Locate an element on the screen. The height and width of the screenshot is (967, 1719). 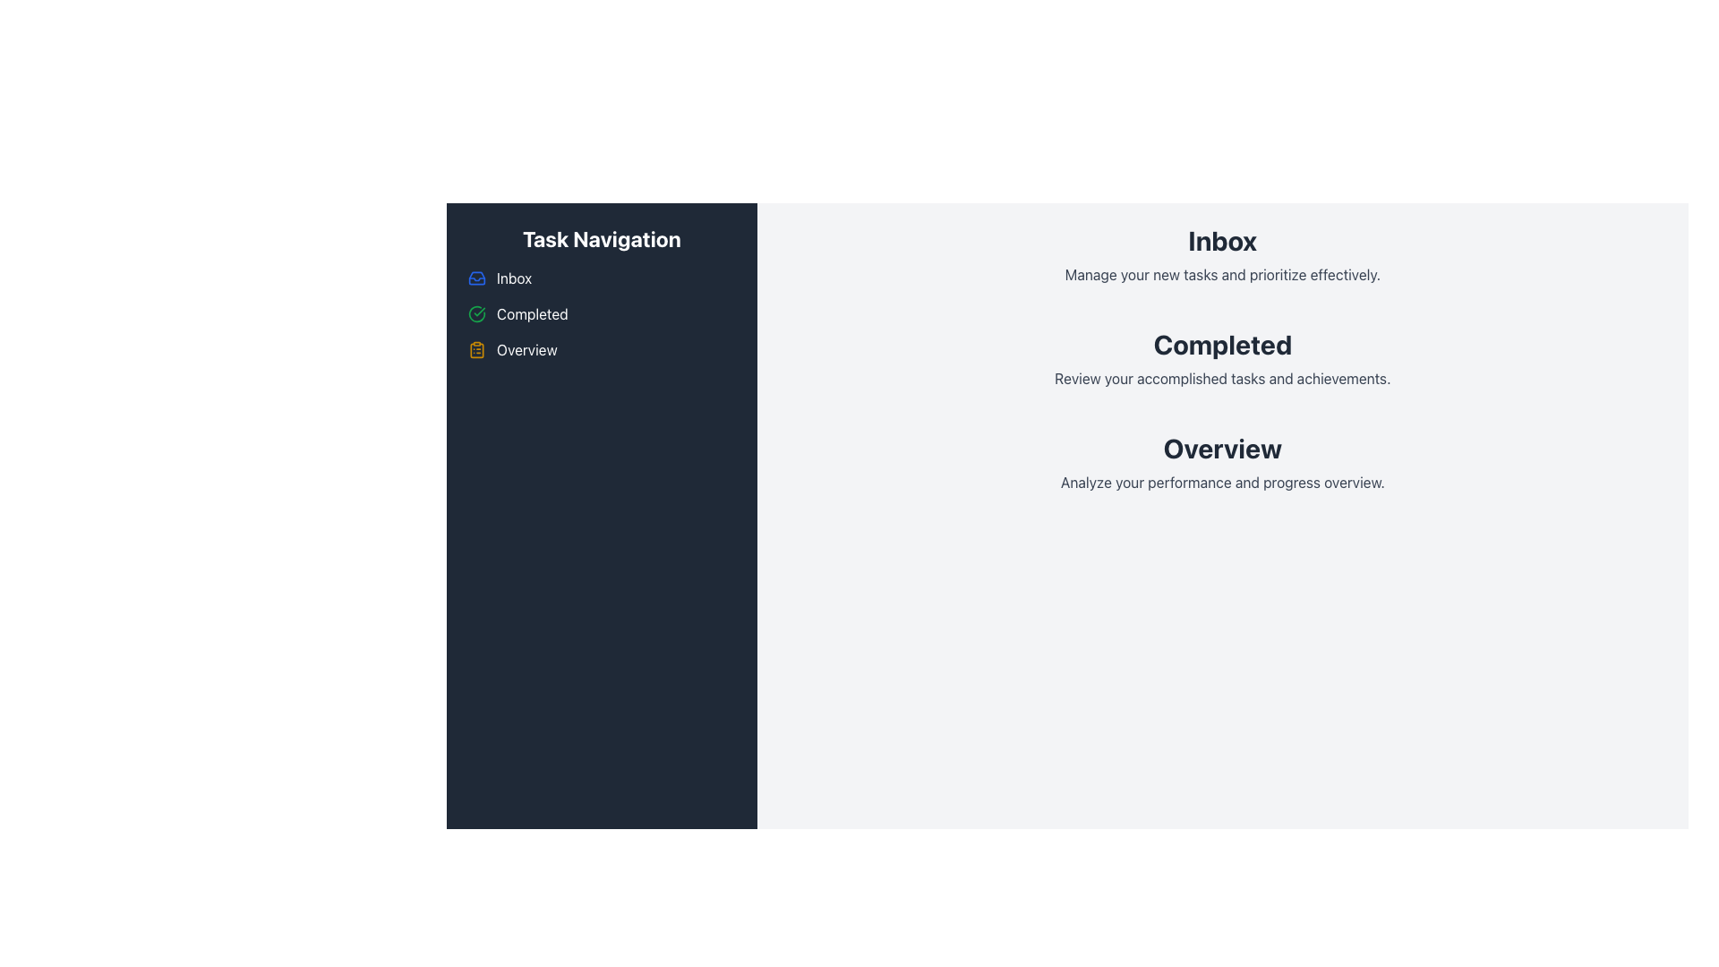
description text block titled 'Overview' which contains the text 'Analyze your performance and progress overview.' is located at coordinates (1221, 461).